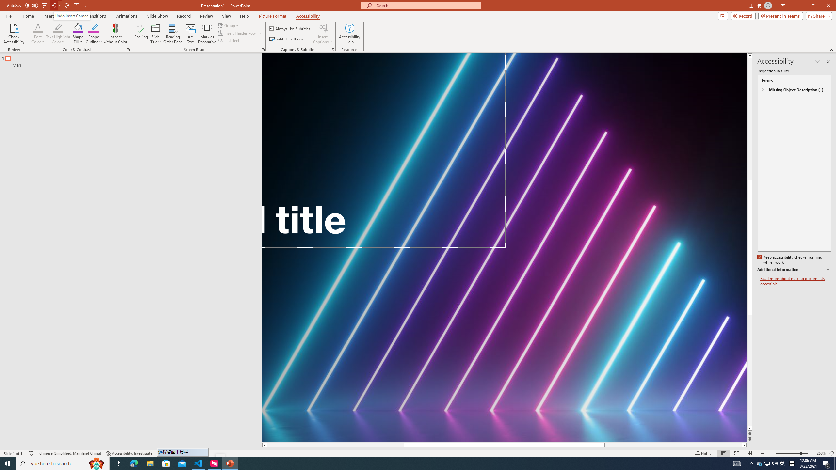  What do you see at coordinates (229, 40) in the screenshot?
I see `'Link Text'` at bounding box center [229, 40].